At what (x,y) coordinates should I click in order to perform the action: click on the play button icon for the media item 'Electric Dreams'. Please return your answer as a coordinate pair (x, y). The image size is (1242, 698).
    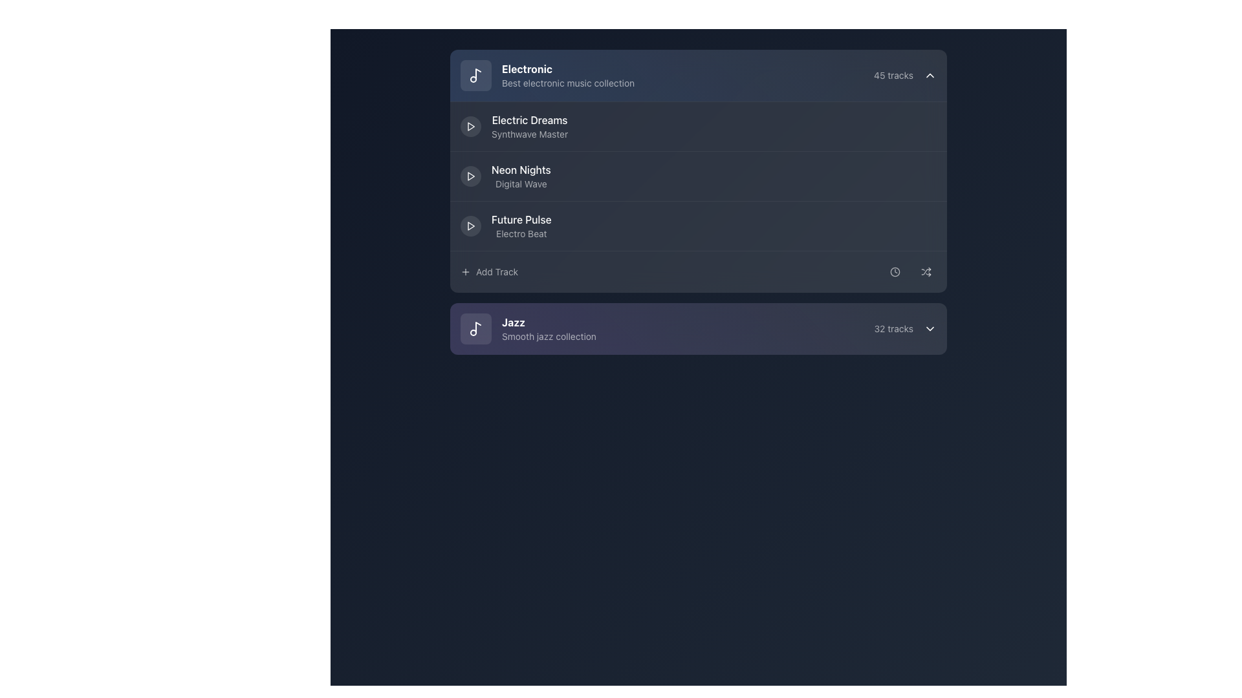
    Looking at the image, I should click on (470, 176).